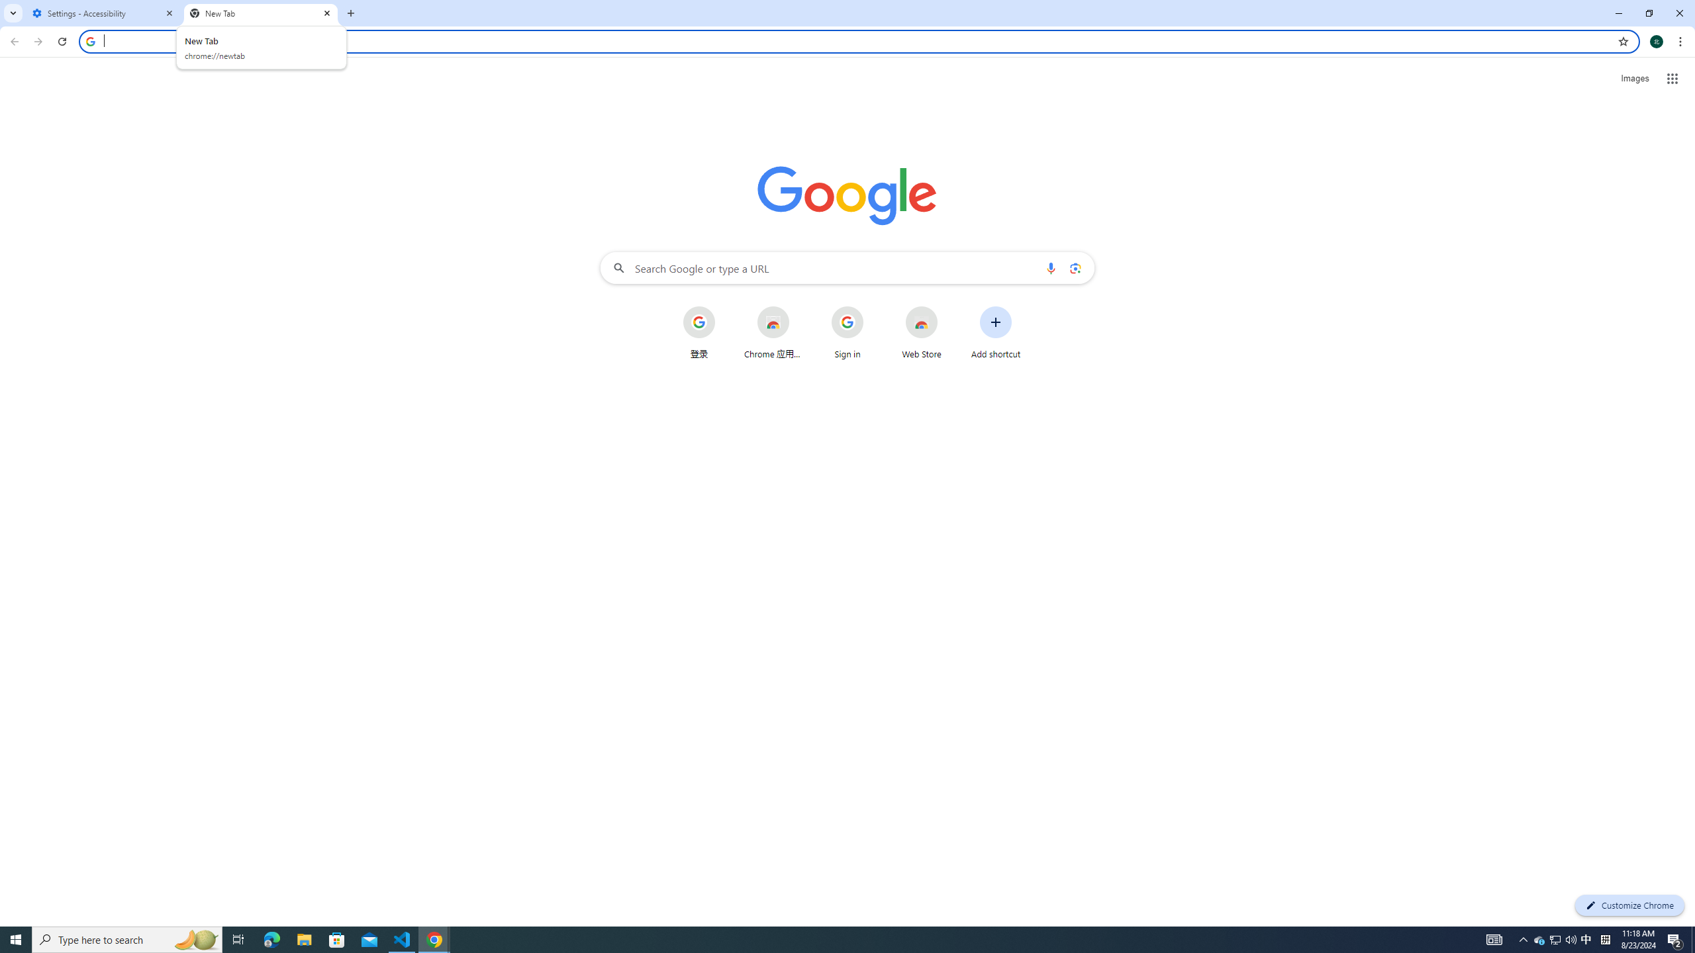  Describe the element at coordinates (847, 268) in the screenshot. I see `'Search Google or type a URL'` at that location.